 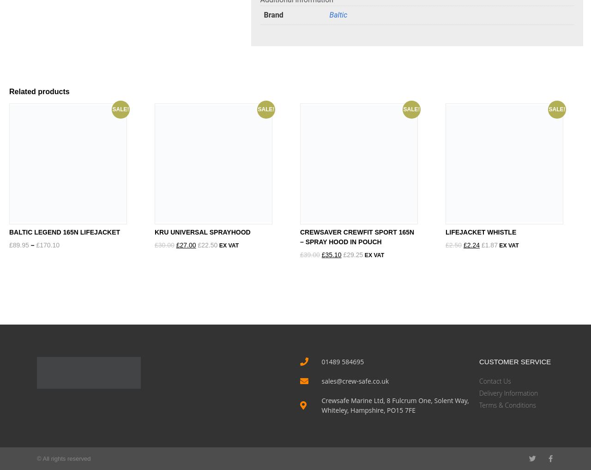 What do you see at coordinates (187, 244) in the screenshot?
I see `'27.00'` at bounding box center [187, 244].